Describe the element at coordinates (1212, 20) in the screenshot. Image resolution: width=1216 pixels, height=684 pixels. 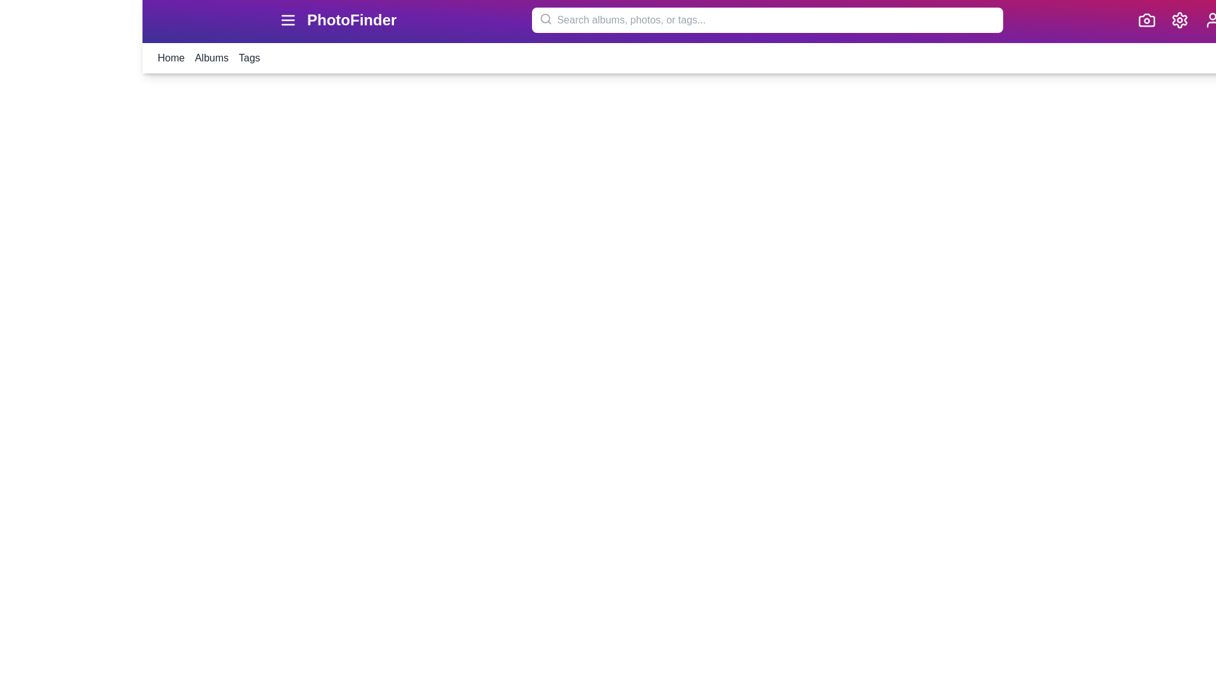
I see `the user icon to view the user profile or related options` at that location.